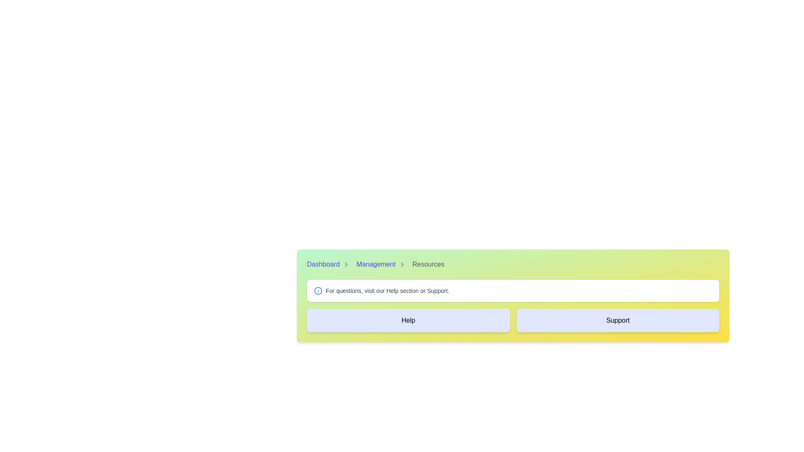 The width and height of the screenshot is (804, 452). What do you see at coordinates (387, 290) in the screenshot?
I see `the text label that says 'For questions, visit our Help section or Support.' which is styled in a small, gray font and positioned to the right of a blue circular information icon` at bounding box center [387, 290].